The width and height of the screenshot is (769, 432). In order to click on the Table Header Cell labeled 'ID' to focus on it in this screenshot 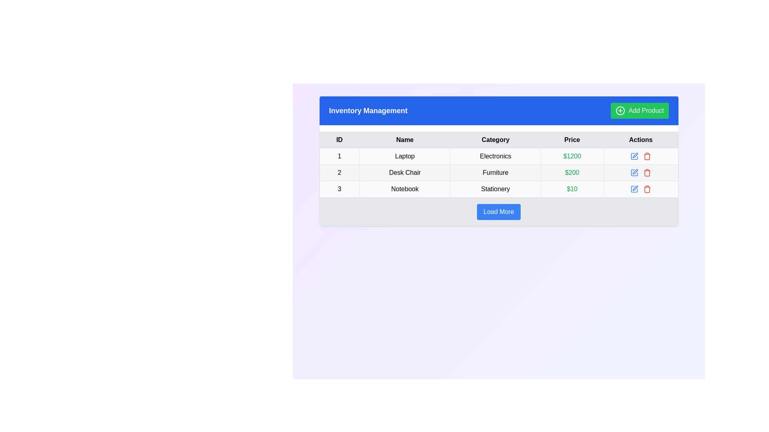, I will do `click(339, 140)`.